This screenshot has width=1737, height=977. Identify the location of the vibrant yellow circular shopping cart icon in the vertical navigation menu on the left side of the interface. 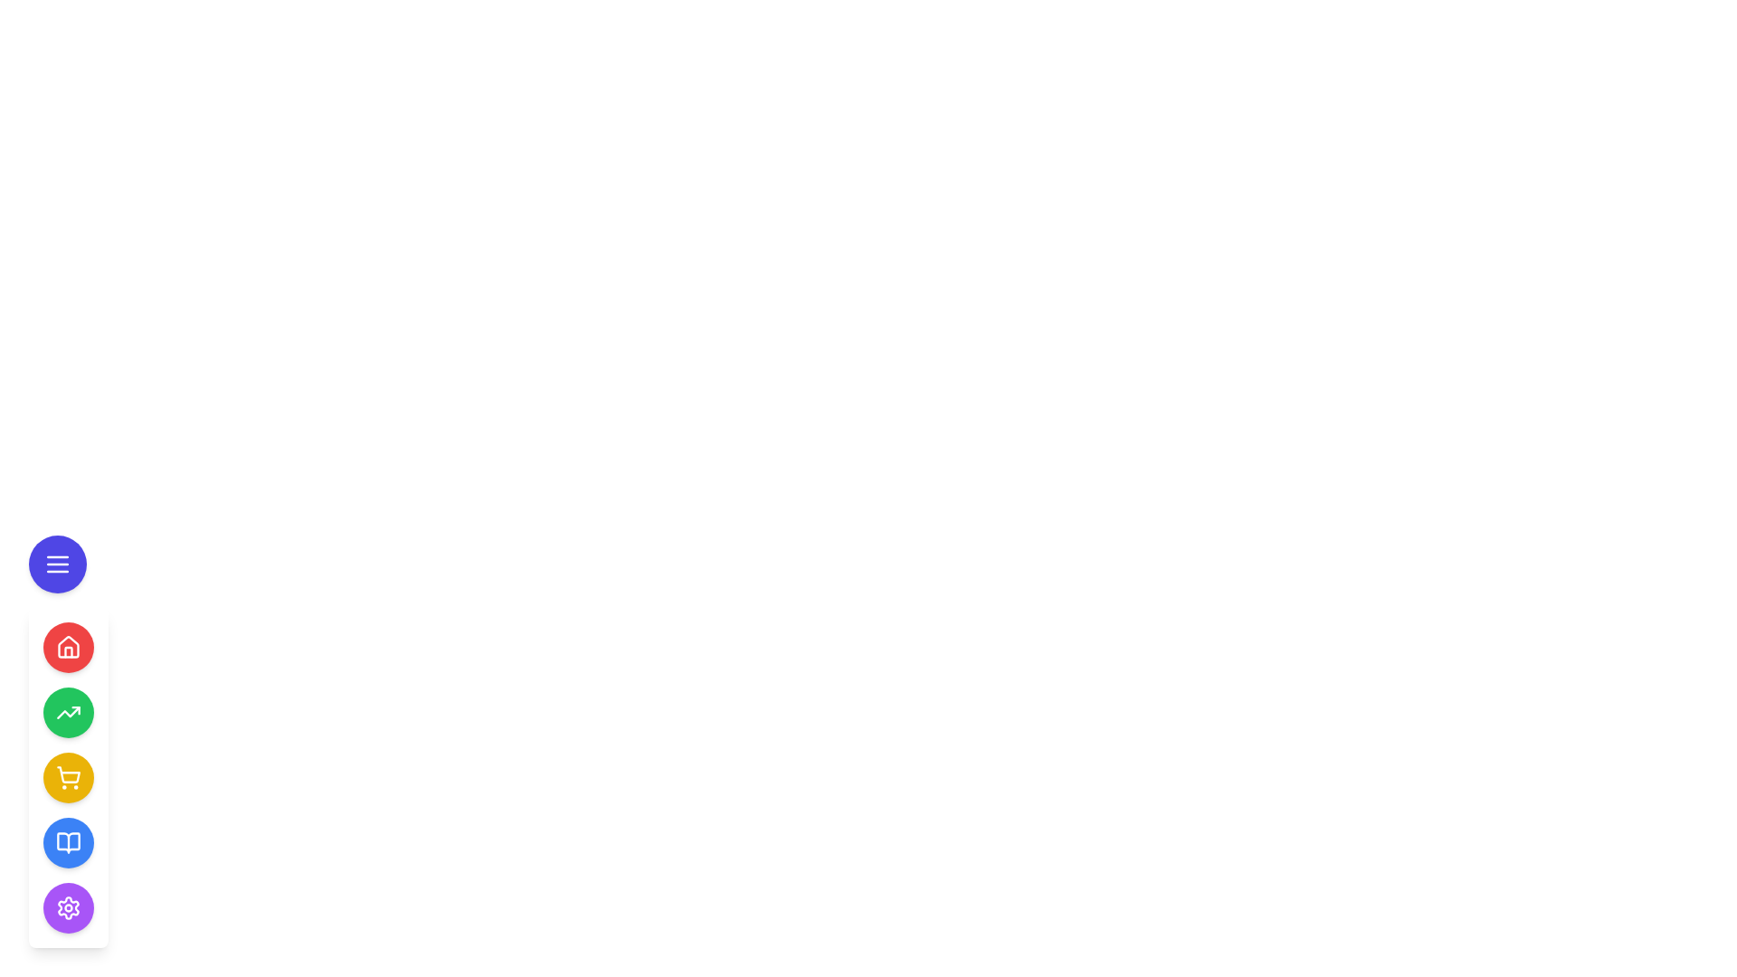
(69, 777).